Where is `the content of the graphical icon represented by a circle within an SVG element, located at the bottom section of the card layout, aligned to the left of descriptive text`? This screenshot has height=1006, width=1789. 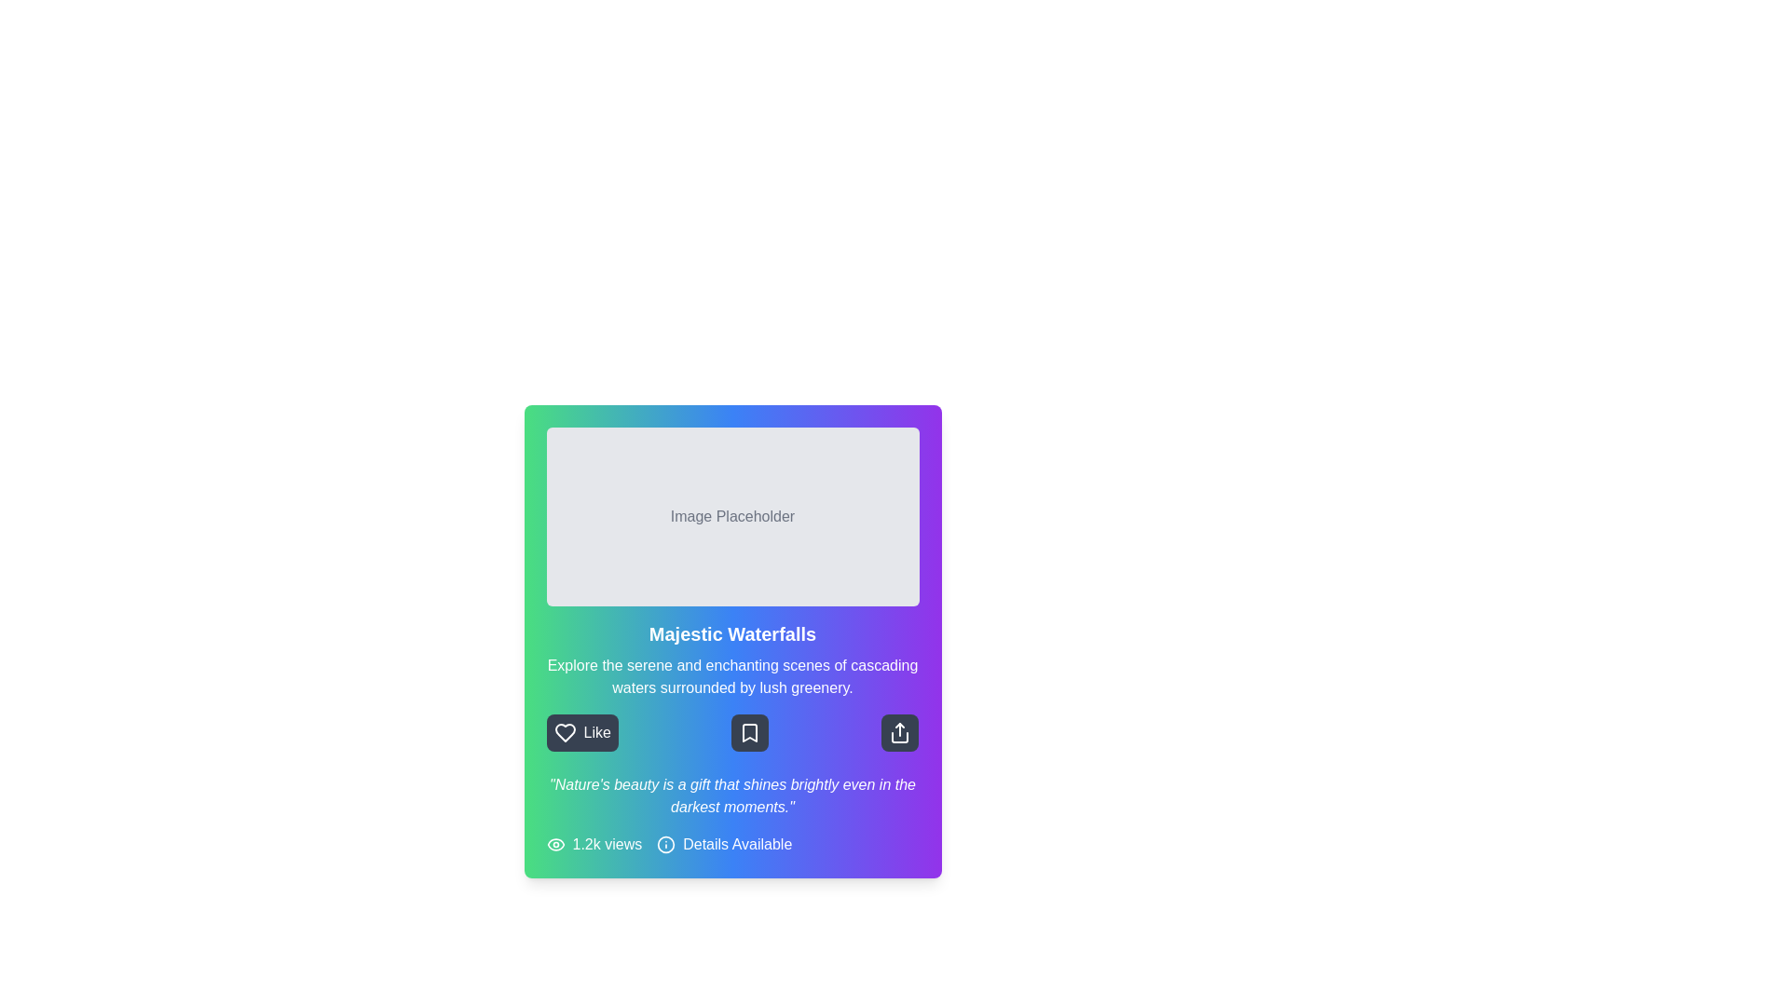
the content of the graphical icon represented by a circle within an SVG element, located at the bottom section of the card layout, aligned to the left of descriptive text is located at coordinates (666, 844).